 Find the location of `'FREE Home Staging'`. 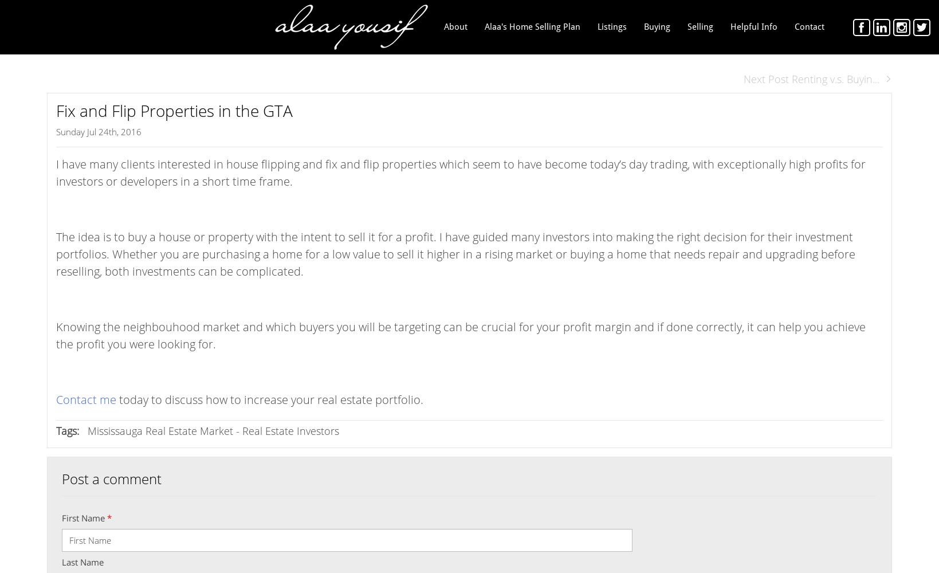

'FREE Home Staging' is located at coordinates (725, 171).